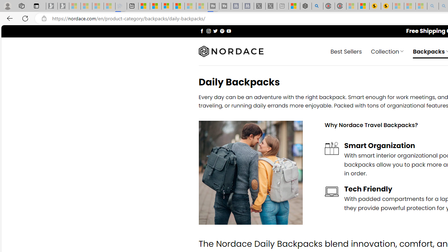  Describe the element at coordinates (208, 30) in the screenshot. I see `'Follow on Instagram'` at that location.